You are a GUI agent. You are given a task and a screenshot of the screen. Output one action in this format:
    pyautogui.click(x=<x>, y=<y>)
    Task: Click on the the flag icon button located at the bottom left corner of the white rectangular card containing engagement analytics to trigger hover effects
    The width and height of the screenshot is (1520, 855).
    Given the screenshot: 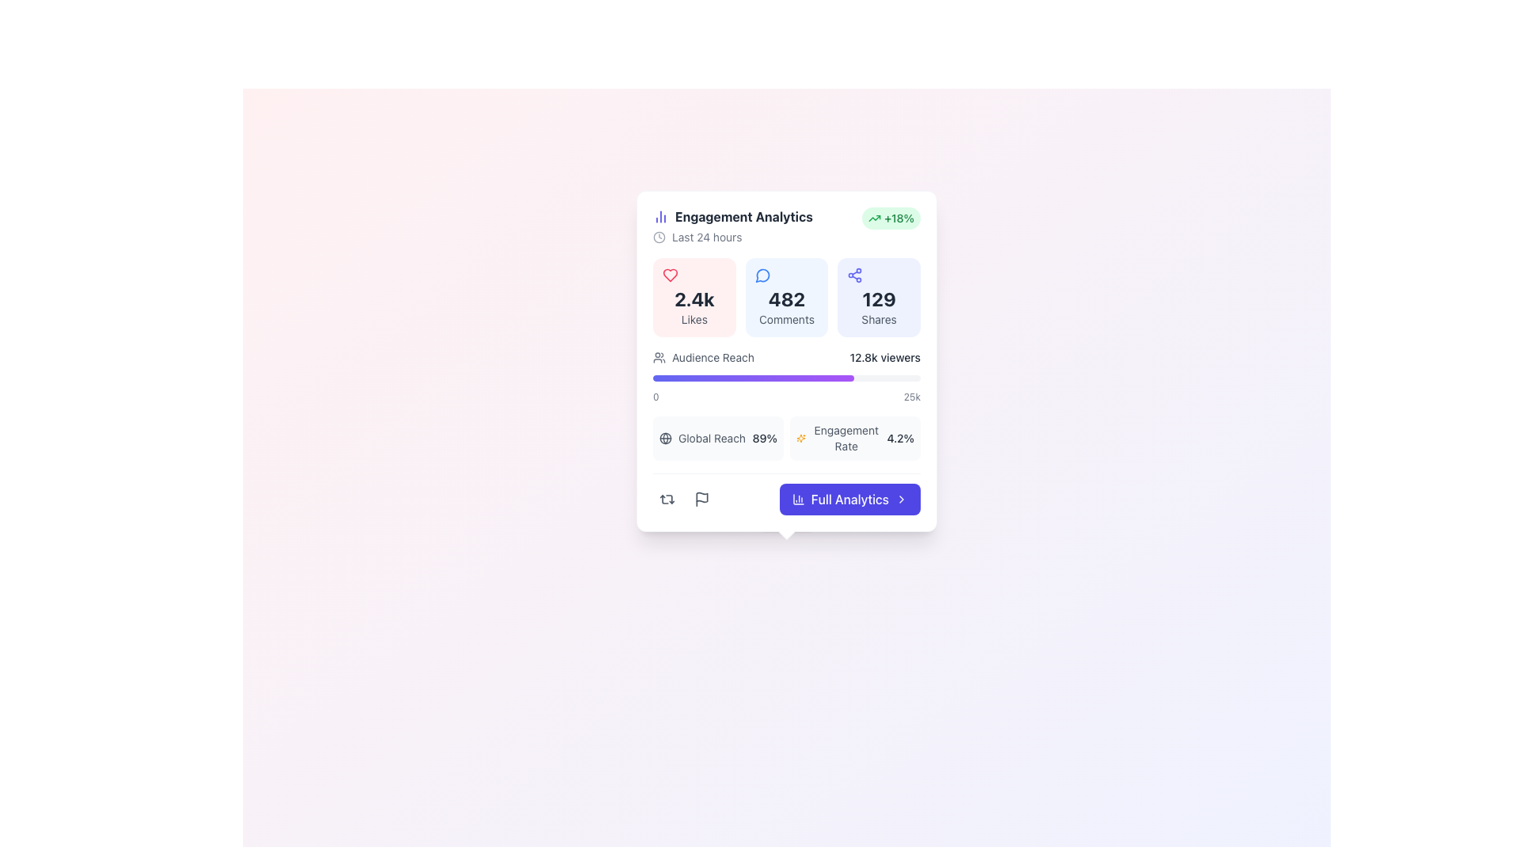 What is the action you would take?
    pyautogui.click(x=701, y=500)
    